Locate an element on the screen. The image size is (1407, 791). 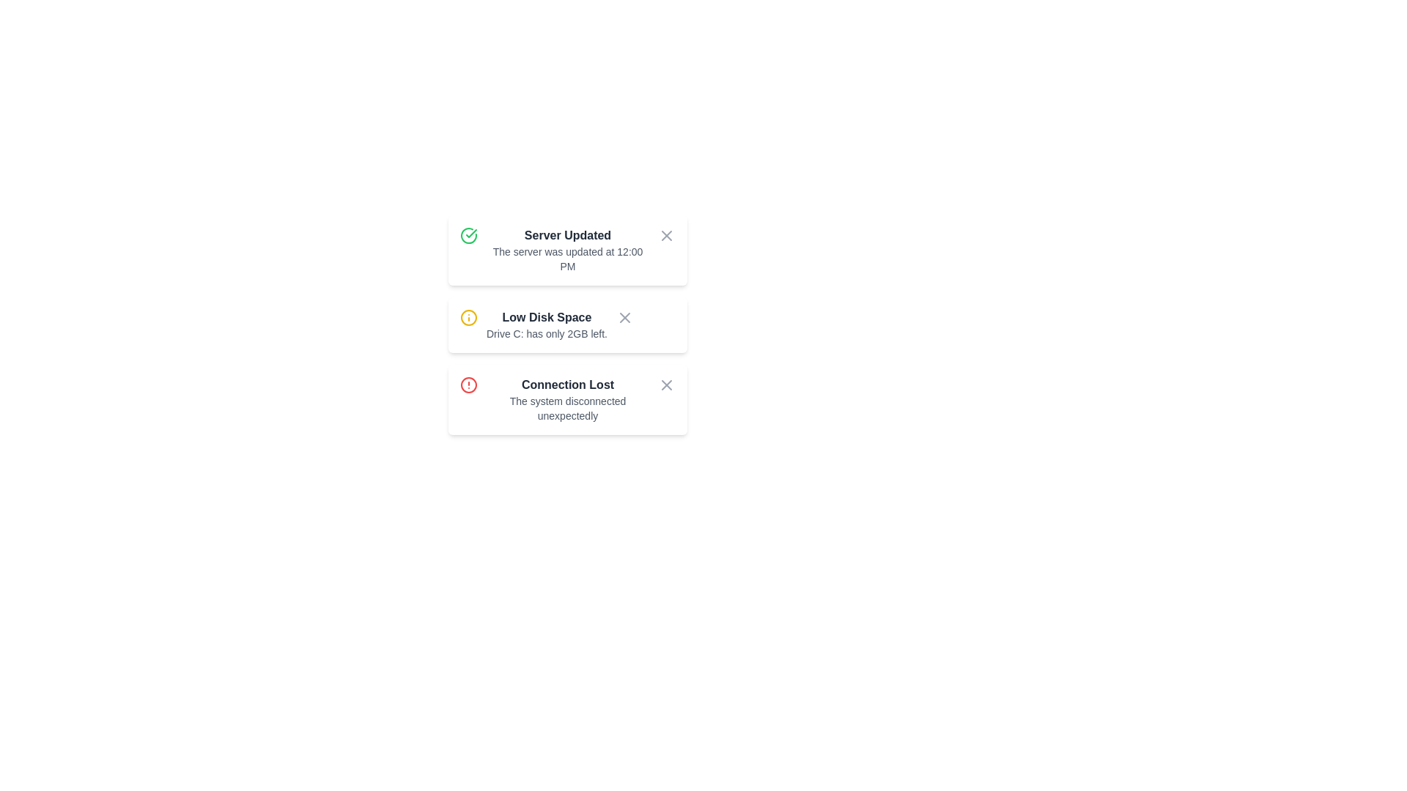
the small 'X' icon in the top-right corner of the 'Low Disk Space' notification is located at coordinates (624, 317).